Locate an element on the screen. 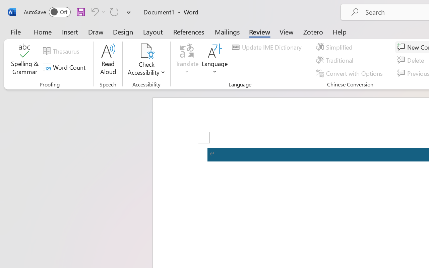  'Word Count' is located at coordinates (65, 67).